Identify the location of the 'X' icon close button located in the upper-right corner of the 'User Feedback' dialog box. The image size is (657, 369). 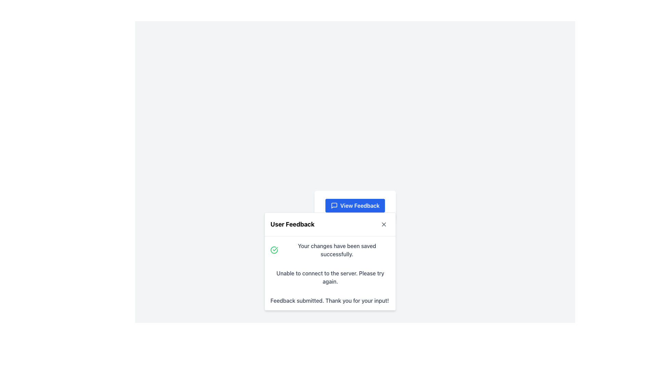
(384, 224).